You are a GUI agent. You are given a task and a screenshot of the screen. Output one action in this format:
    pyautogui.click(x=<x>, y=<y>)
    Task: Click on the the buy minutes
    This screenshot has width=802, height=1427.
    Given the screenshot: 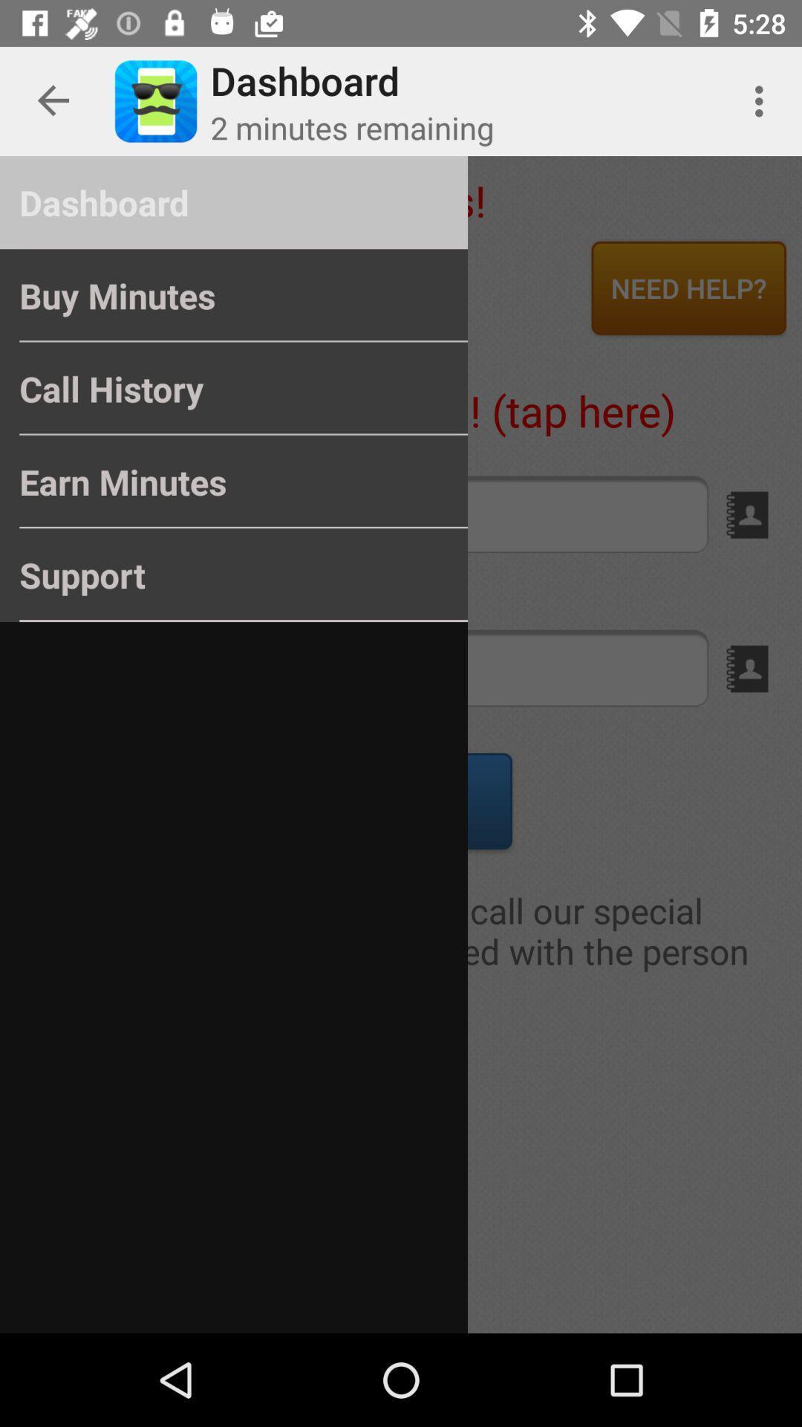 What is the action you would take?
    pyautogui.click(x=181, y=282)
    